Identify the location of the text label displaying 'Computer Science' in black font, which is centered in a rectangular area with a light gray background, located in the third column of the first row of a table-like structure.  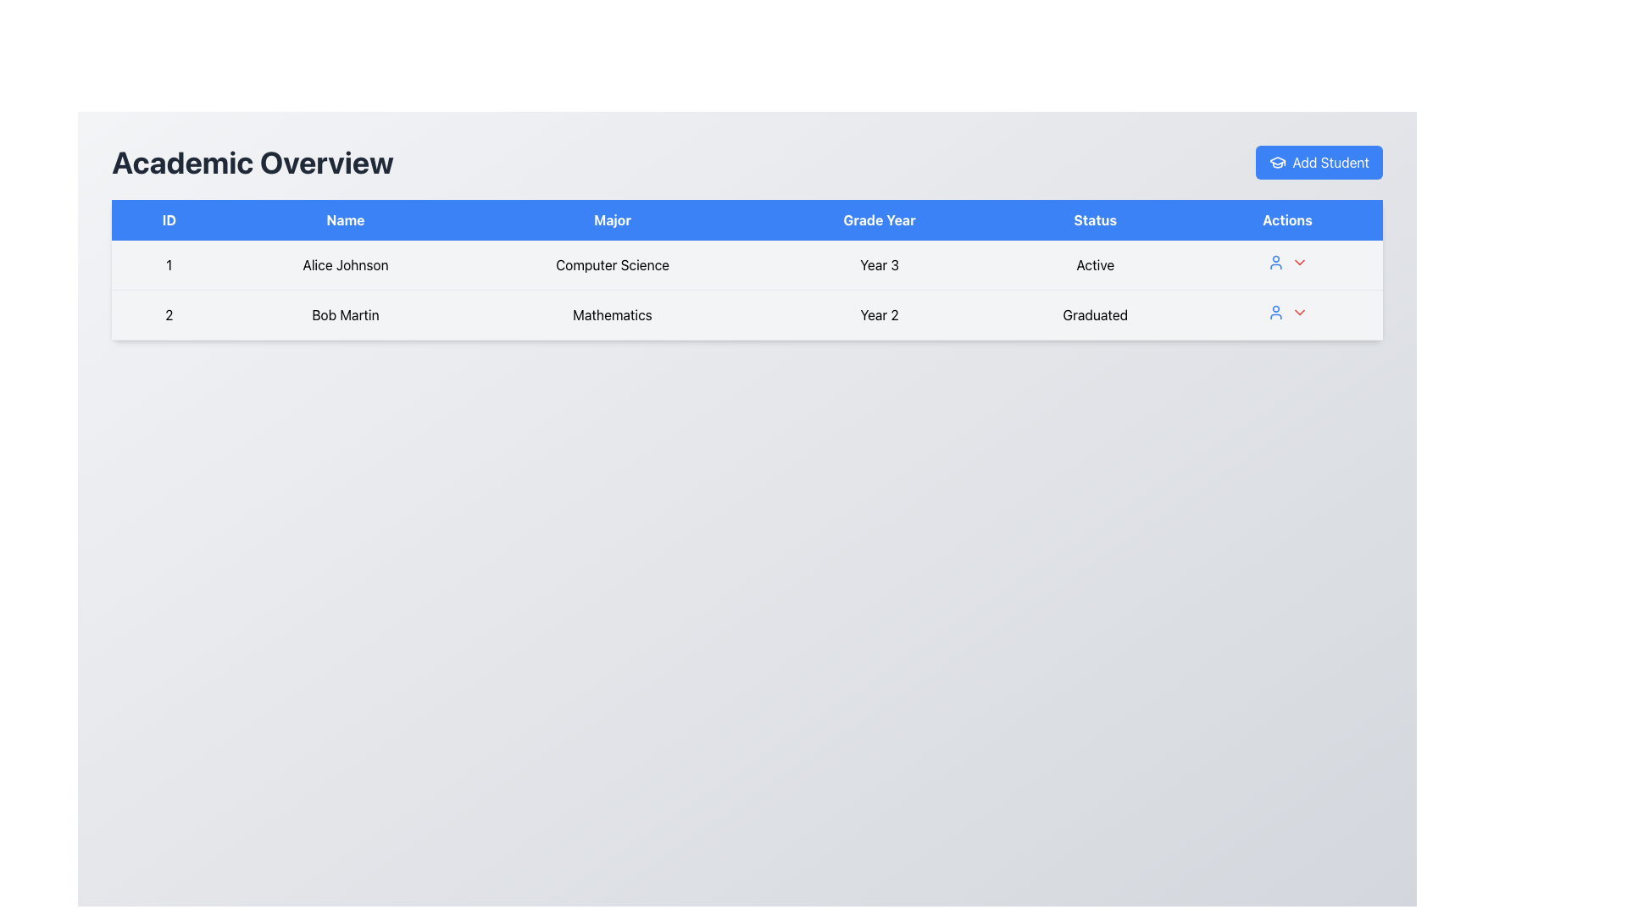
(612, 265).